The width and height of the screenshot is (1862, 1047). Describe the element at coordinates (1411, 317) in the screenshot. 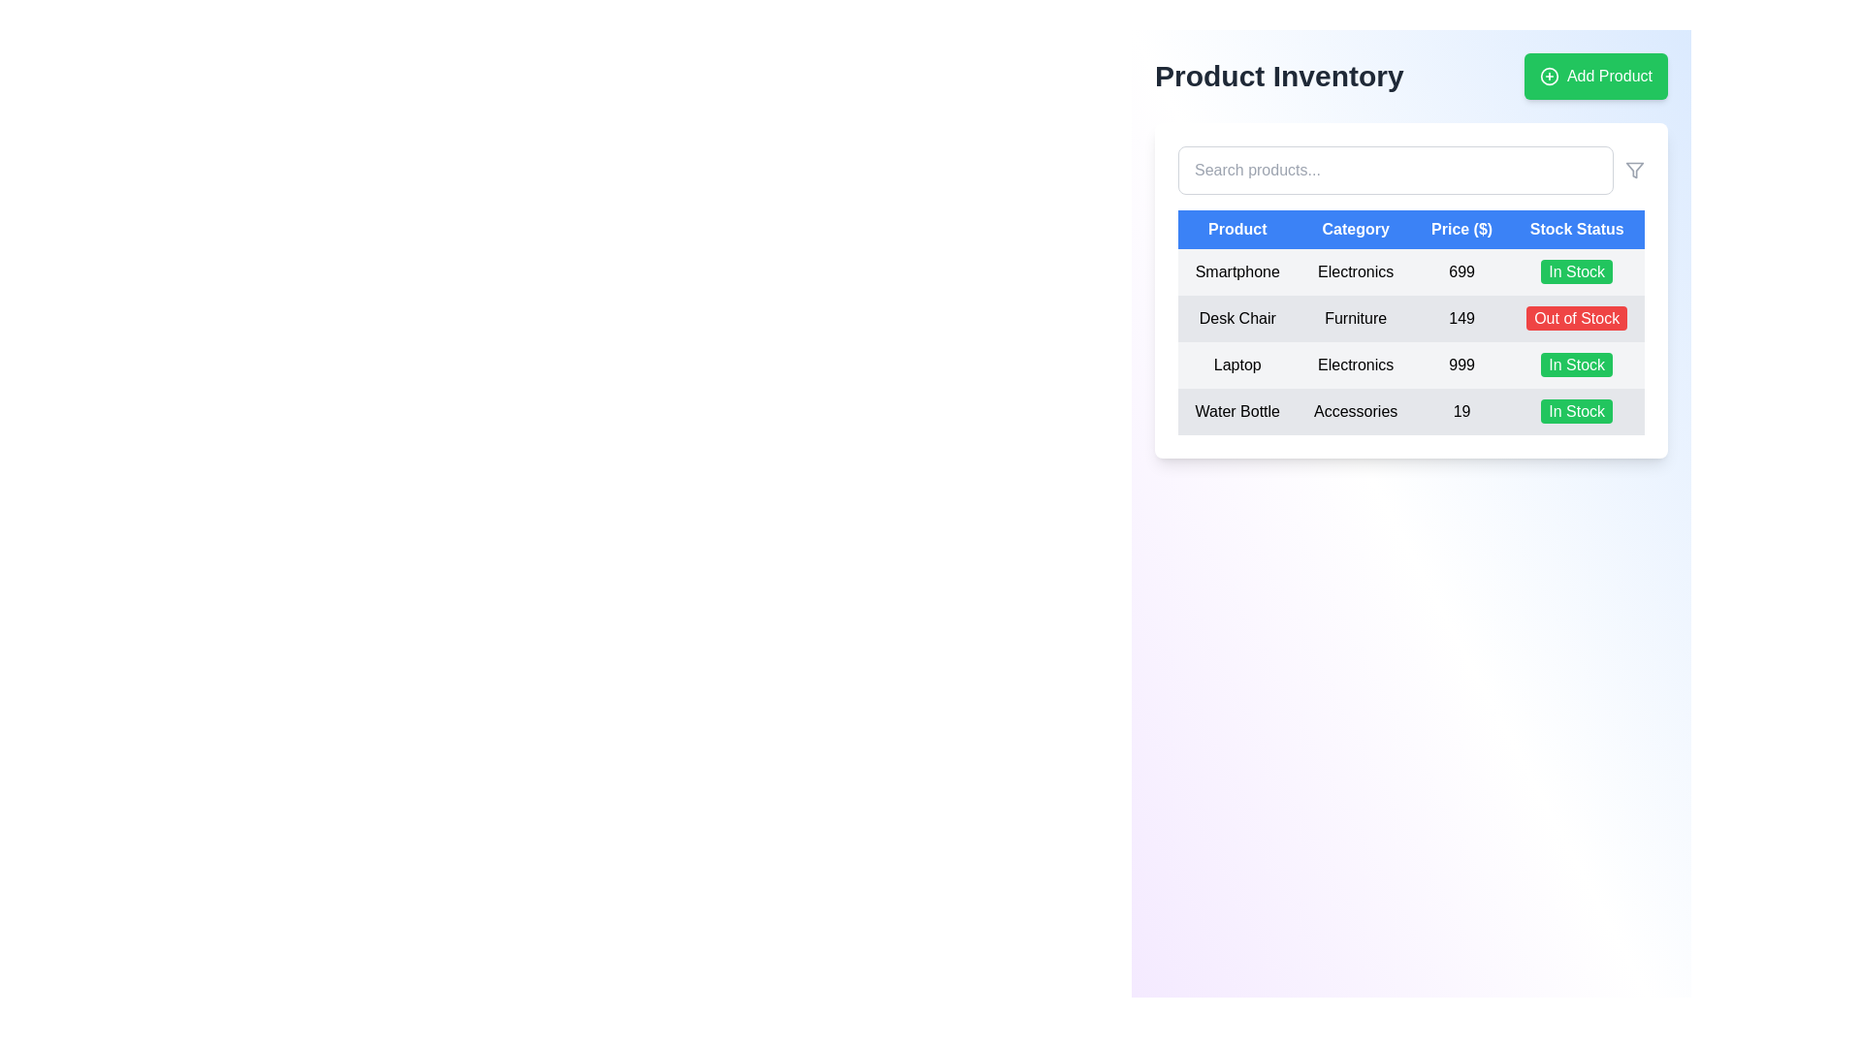

I see `the second row in the 'Product Inventory' section displaying 'Desk Chair' with a light gray background and a red badge indicating 'Out of Stock'` at that location.